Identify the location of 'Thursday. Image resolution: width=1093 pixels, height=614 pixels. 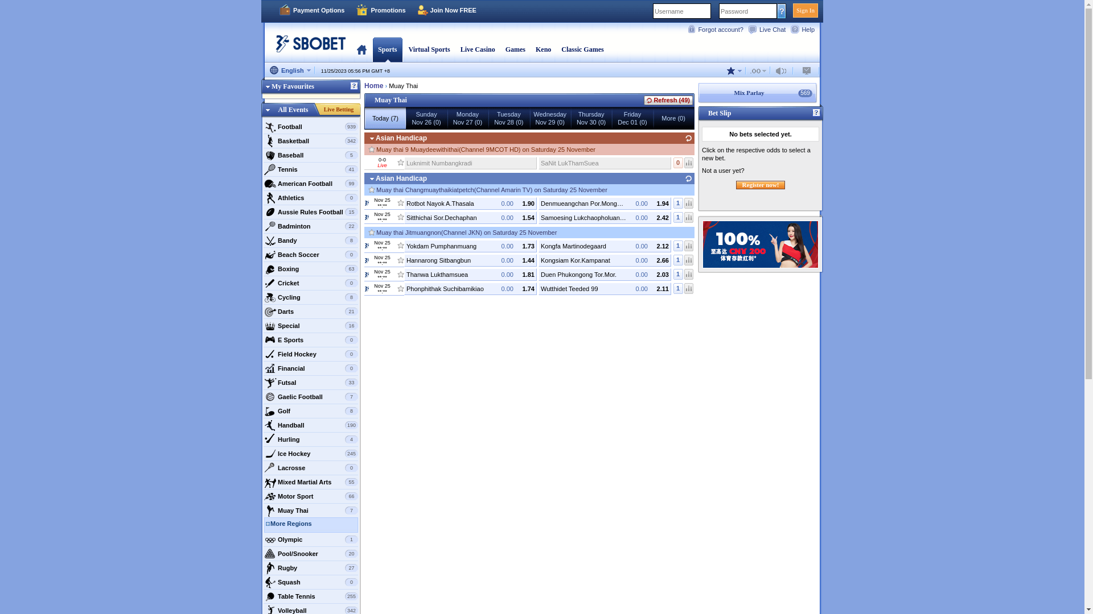
(590, 118).